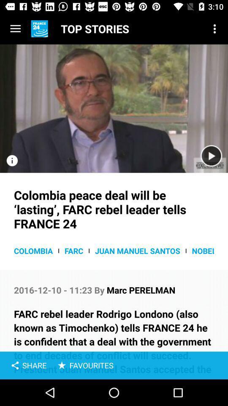 The height and width of the screenshot is (406, 228). I want to click on watch video, so click(114, 108).